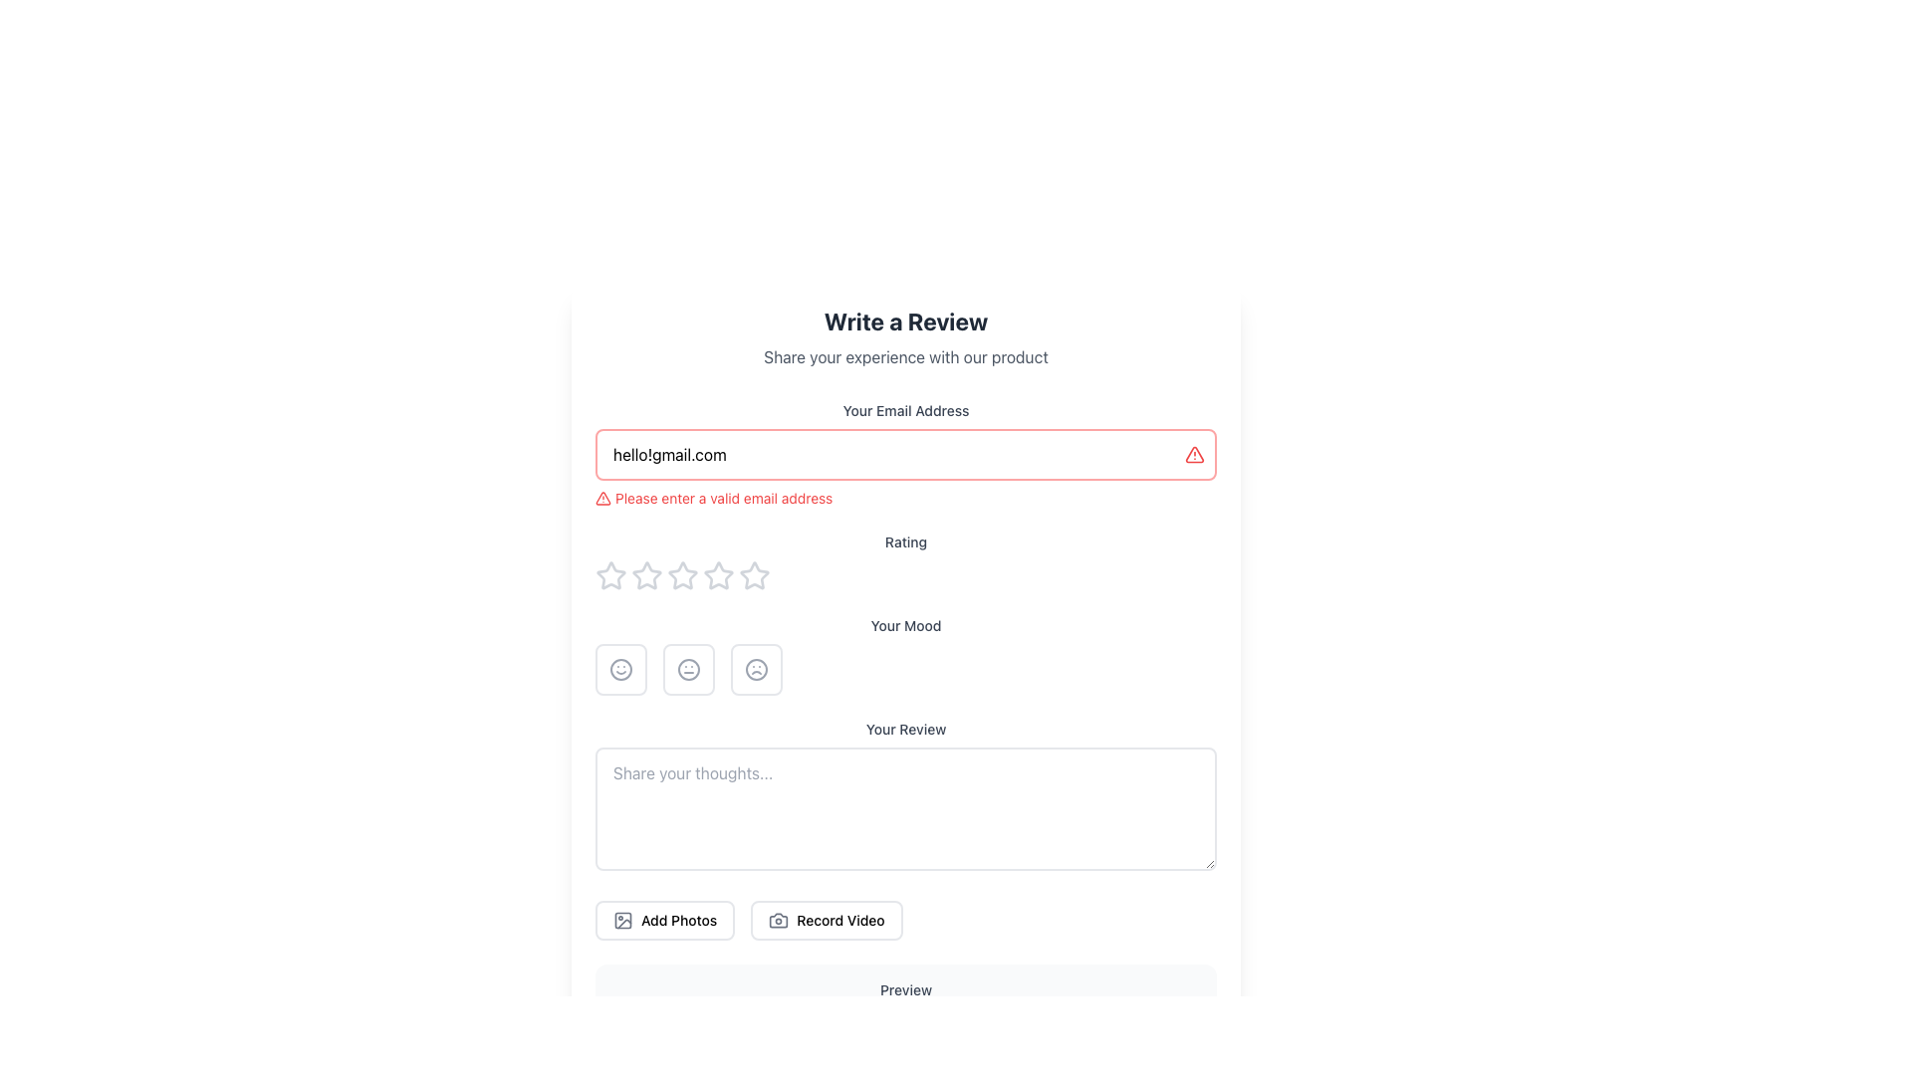  Describe the element at coordinates (730, 1036) in the screenshot. I see `the Progress indicator or placeholder bar, which is a visual representation located towards the bottom of the interface and is centered horizontally in a layout with another element to its right` at that location.